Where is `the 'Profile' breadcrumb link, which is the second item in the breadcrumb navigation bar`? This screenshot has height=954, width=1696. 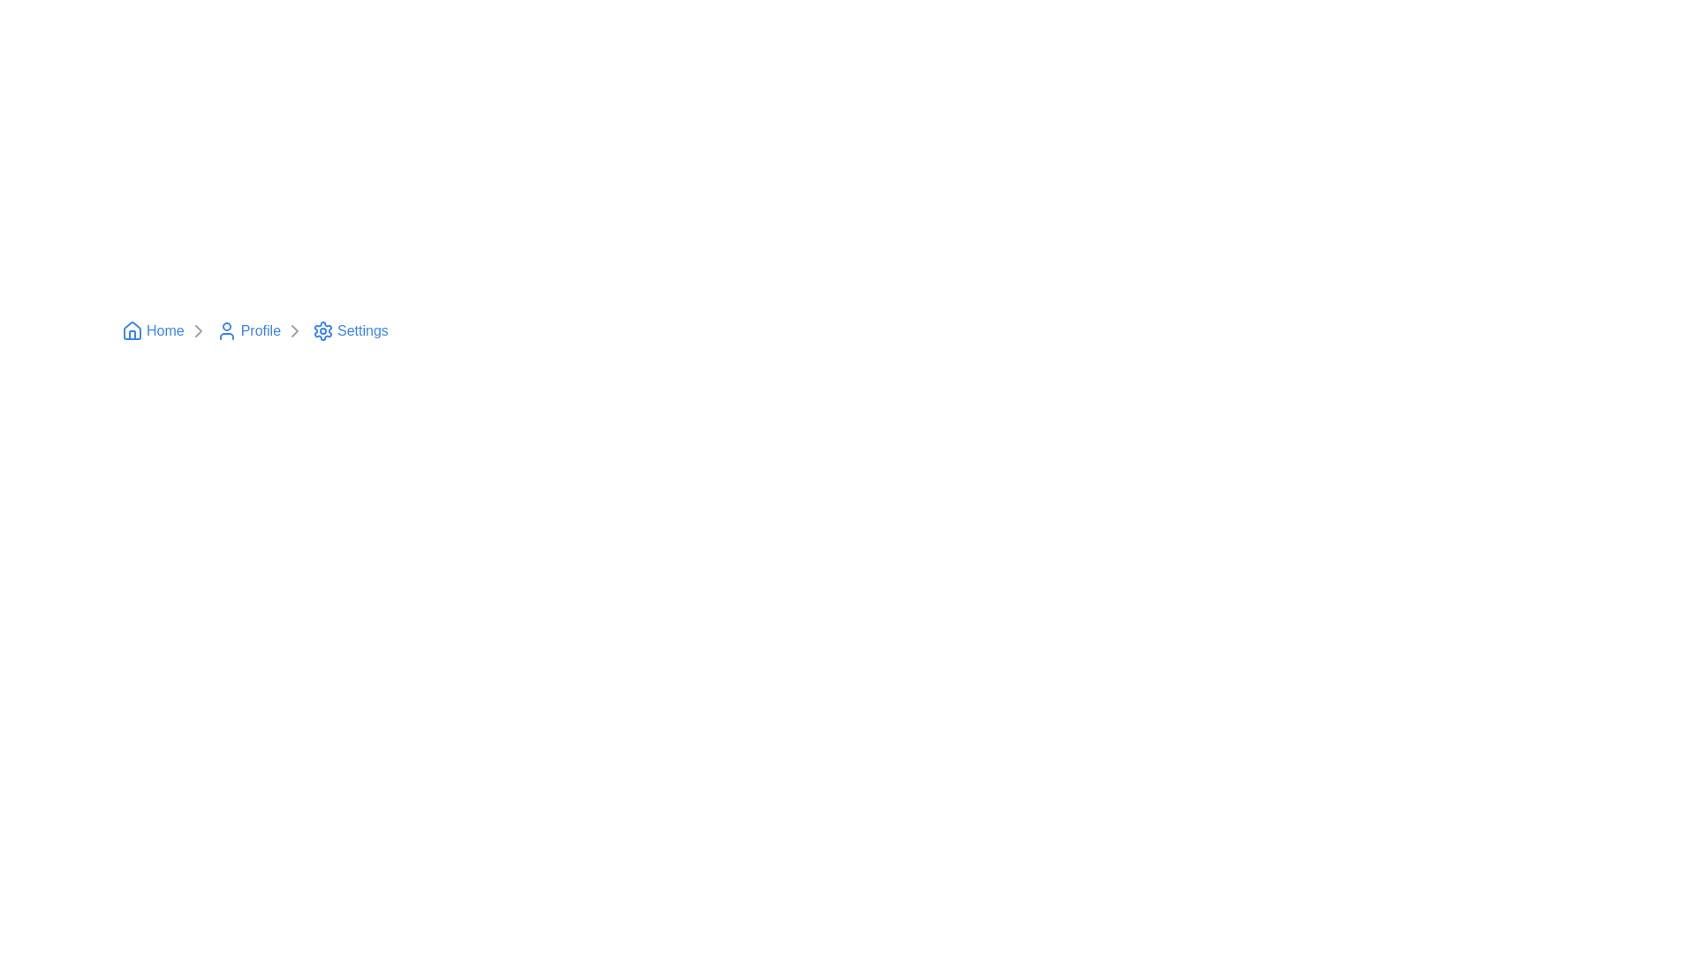 the 'Profile' breadcrumb link, which is the second item in the breadcrumb navigation bar is located at coordinates (260, 330).